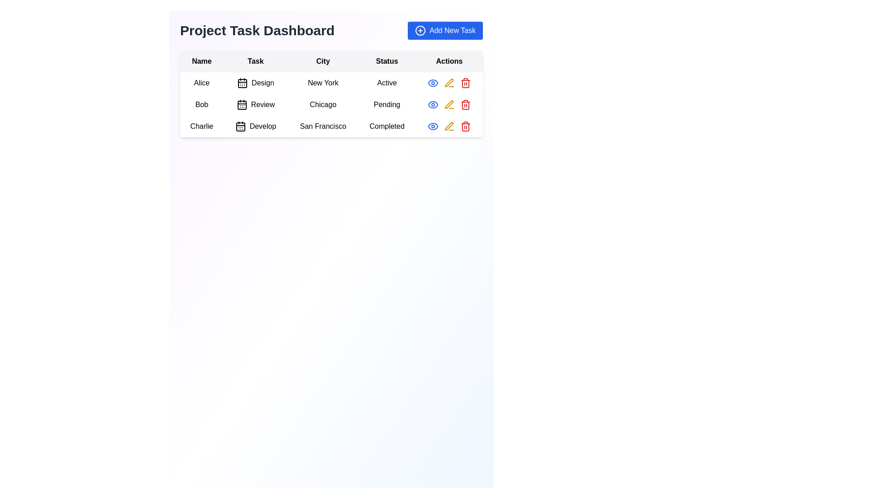 This screenshot has height=488, width=869. What do you see at coordinates (465, 83) in the screenshot?
I see `the red-colored trash bin icon in the 'Actions' column of the third row corresponding to user 'Charlie' in 'San Francisco'` at bounding box center [465, 83].